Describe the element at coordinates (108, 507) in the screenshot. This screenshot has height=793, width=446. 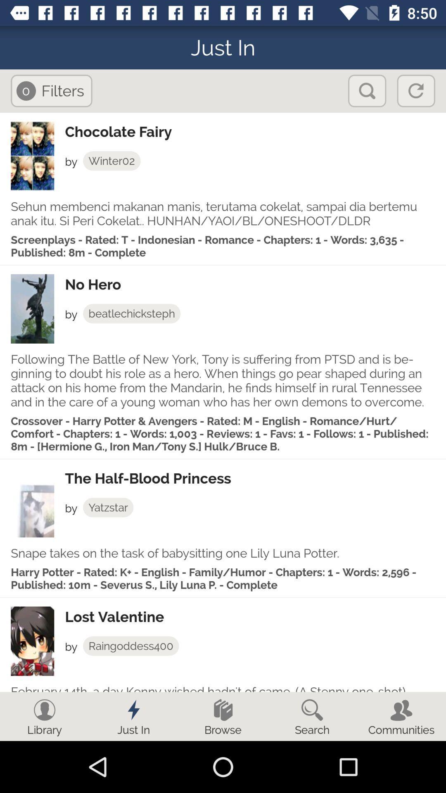
I see `yatzstar app` at that location.